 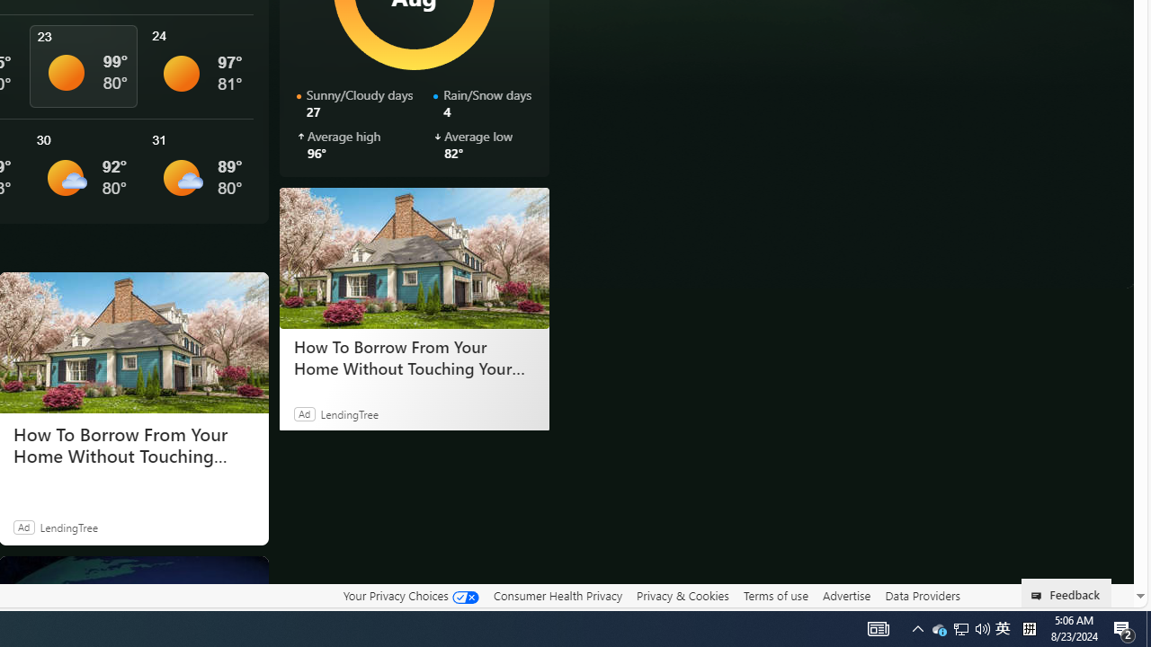 I want to click on 'Class: feedback_link_icon-DS-EntryPoint1-1', so click(x=1039, y=596).